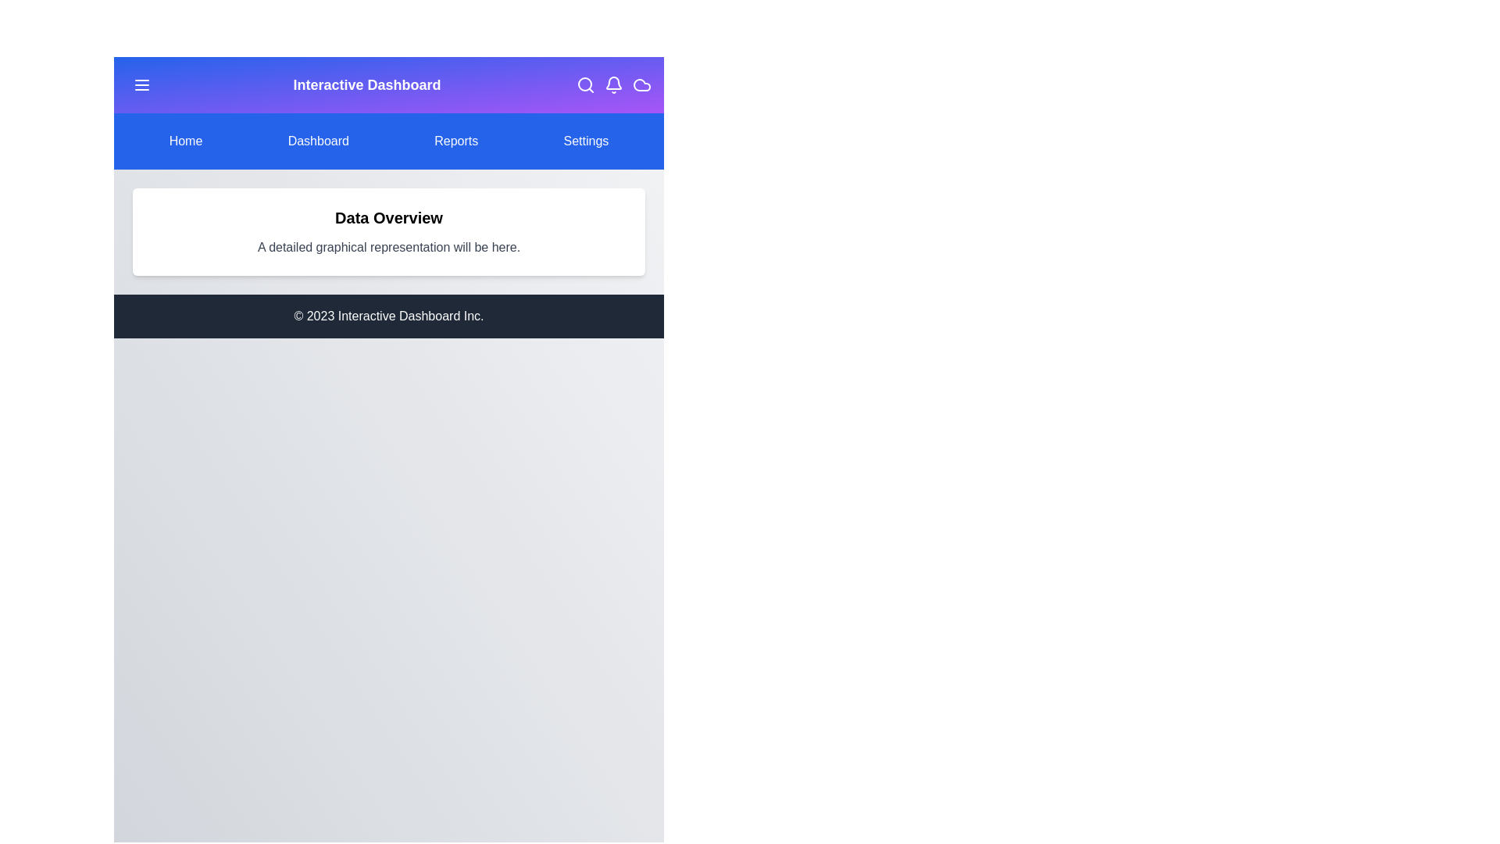 The image size is (1500, 844). I want to click on the menu item Reports to navigate to the corresponding section, so click(455, 141).